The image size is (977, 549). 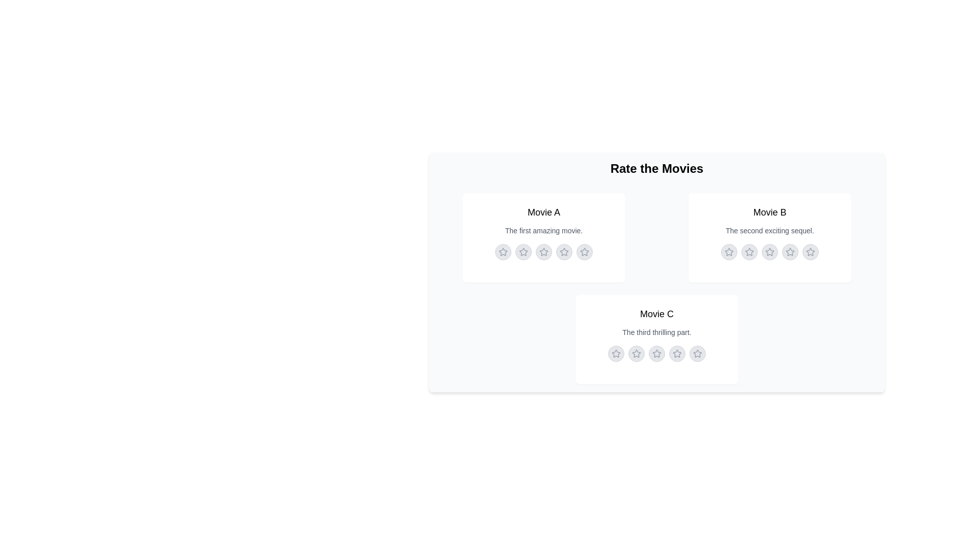 I want to click on the star icon in the movie rating card located in the top-left section of the interface, so click(x=543, y=237).